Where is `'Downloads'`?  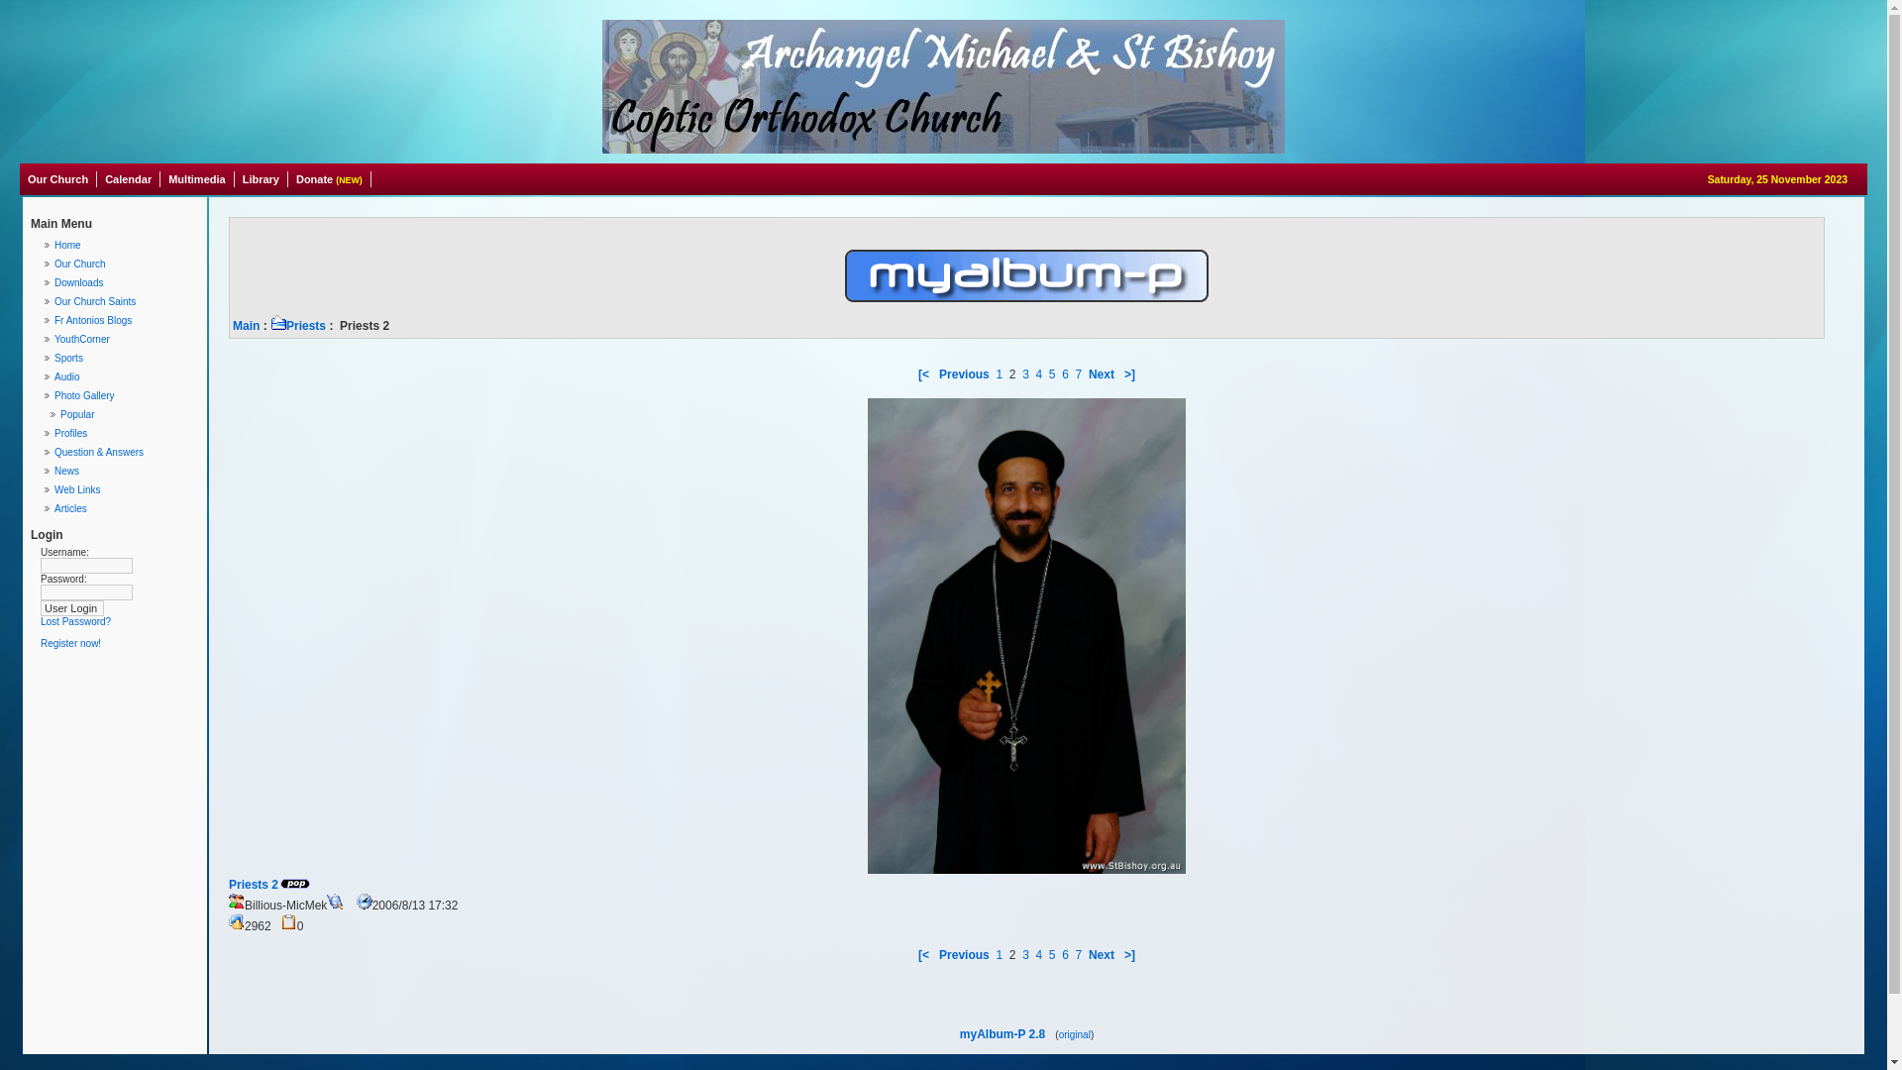 'Downloads' is located at coordinates (118, 282).